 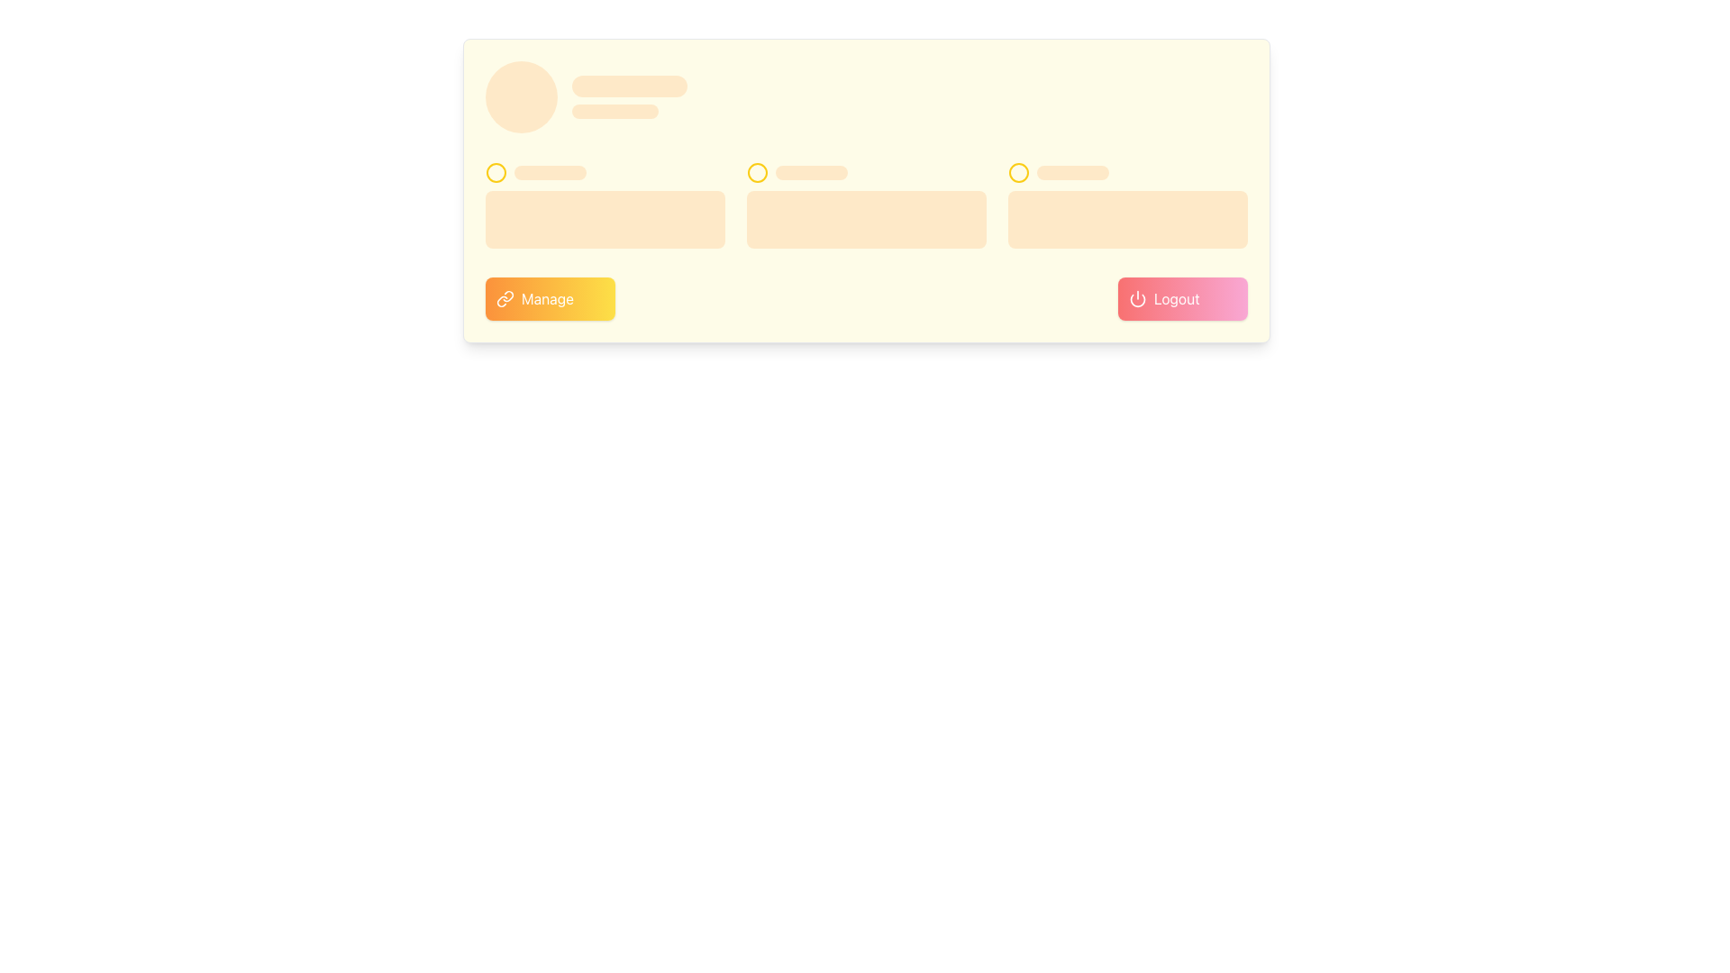 What do you see at coordinates (496, 173) in the screenshot?
I see `the circular icon with a yellow outline, which is the first among similar icons in the top-left section of the layout, adjacent to a text placeholder and near an avatar image` at bounding box center [496, 173].